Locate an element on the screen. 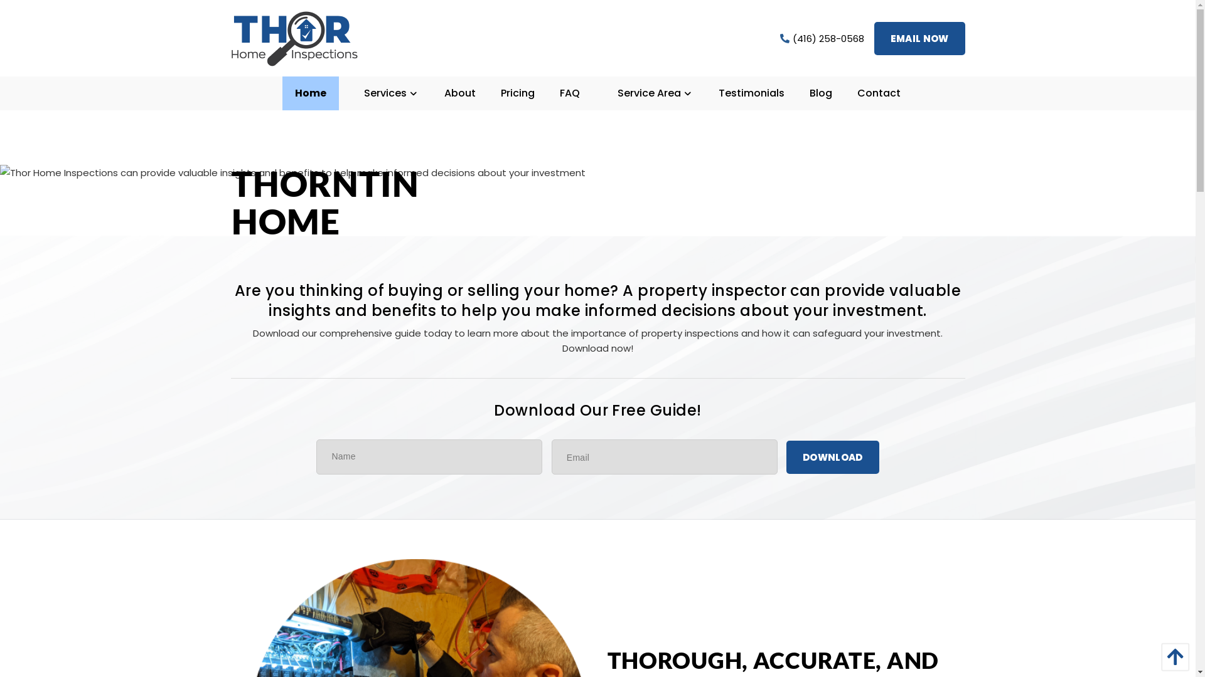  'Blog' is located at coordinates (821, 93).